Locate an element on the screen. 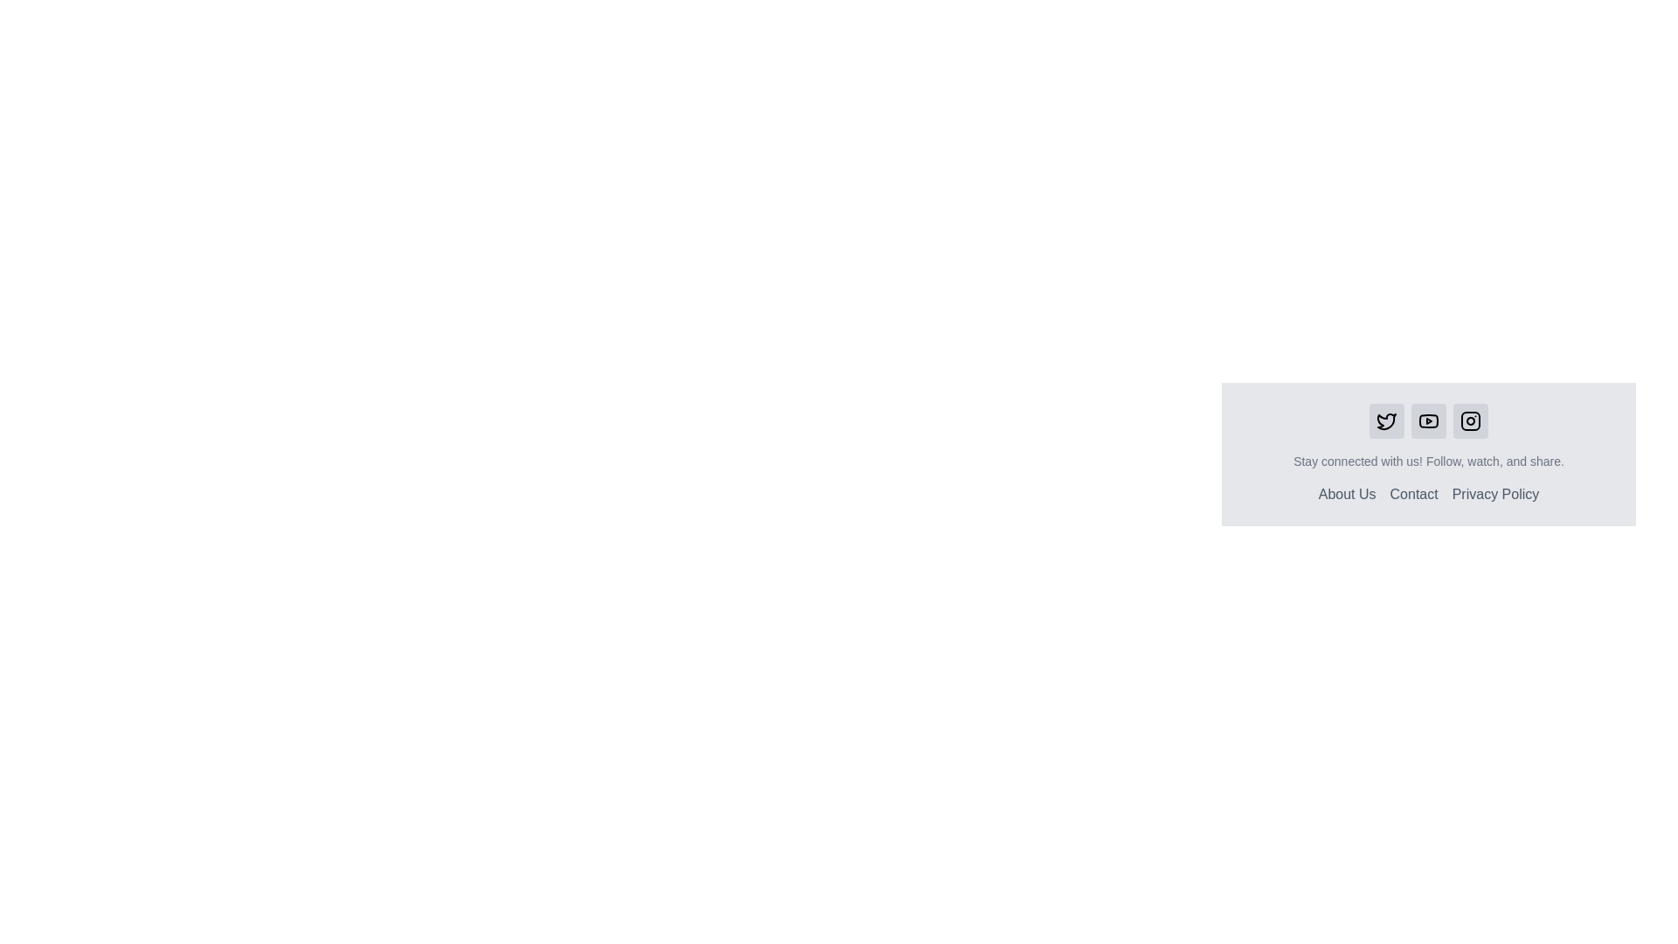 The height and width of the screenshot is (944, 1678). the text line that says 'Stay connected with us! Follow, watch, and share.' which is styled with a smaller gray font and is located below the social media icons is located at coordinates (1429, 461).